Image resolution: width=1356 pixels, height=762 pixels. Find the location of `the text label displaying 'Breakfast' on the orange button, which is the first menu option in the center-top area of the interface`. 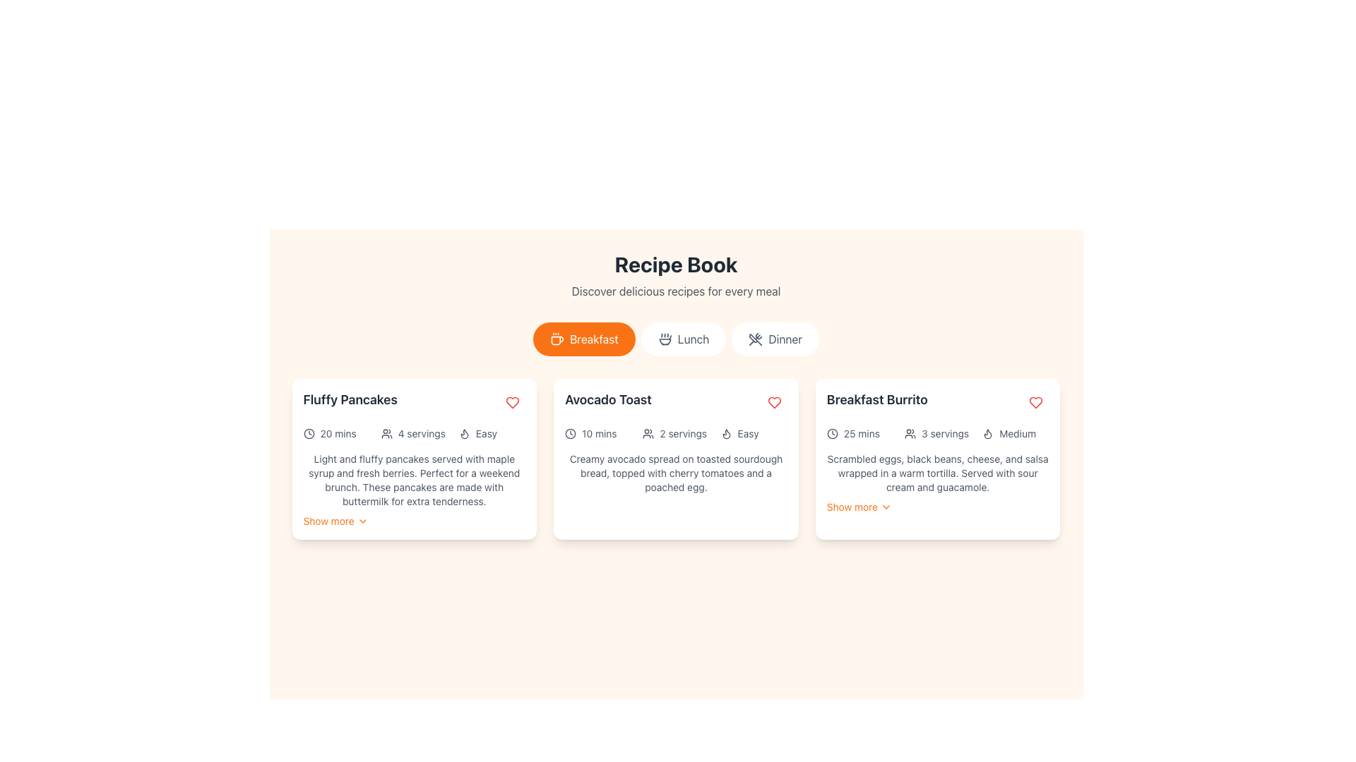

the text label displaying 'Breakfast' on the orange button, which is the first menu option in the center-top area of the interface is located at coordinates (594, 339).